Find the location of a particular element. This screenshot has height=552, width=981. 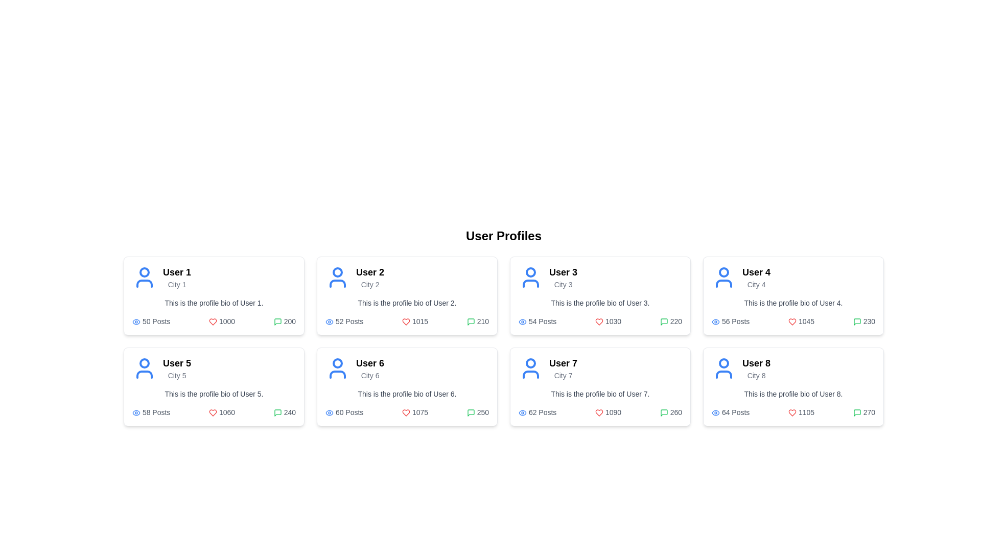

the static text displaying the city associated with 'User 5', located below the 'User 5' text in the bottom left corner of the user profiles grid is located at coordinates (177, 376).